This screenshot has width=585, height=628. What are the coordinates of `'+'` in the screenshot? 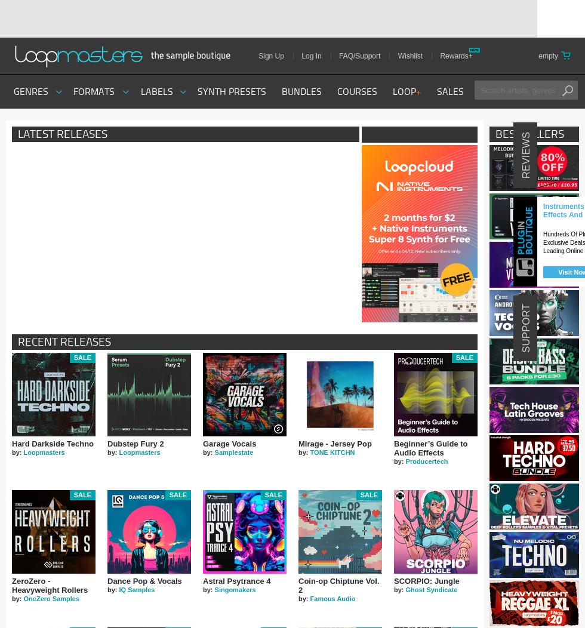 It's located at (418, 91).